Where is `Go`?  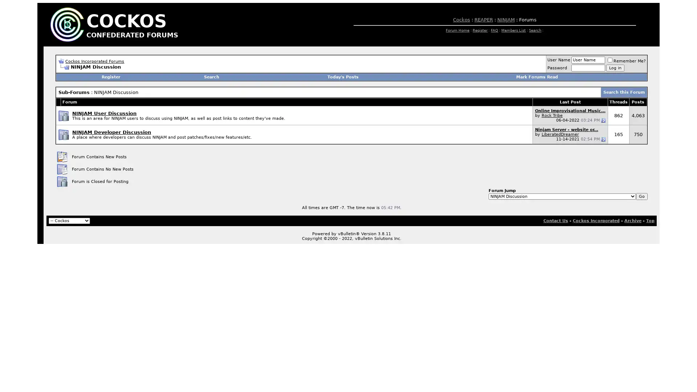 Go is located at coordinates (641, 196).